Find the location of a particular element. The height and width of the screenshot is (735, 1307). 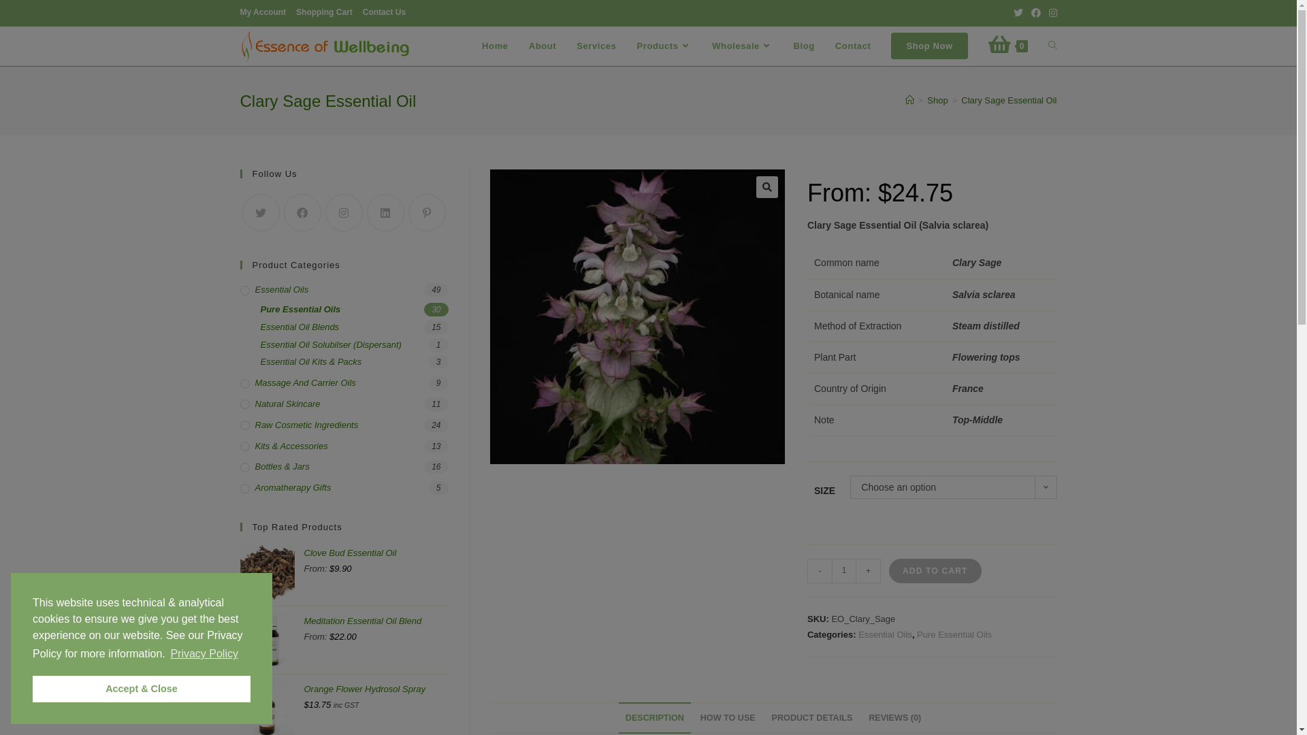

'Orange Flower Hydrosol Spray' is located at coordinates (376, 696).